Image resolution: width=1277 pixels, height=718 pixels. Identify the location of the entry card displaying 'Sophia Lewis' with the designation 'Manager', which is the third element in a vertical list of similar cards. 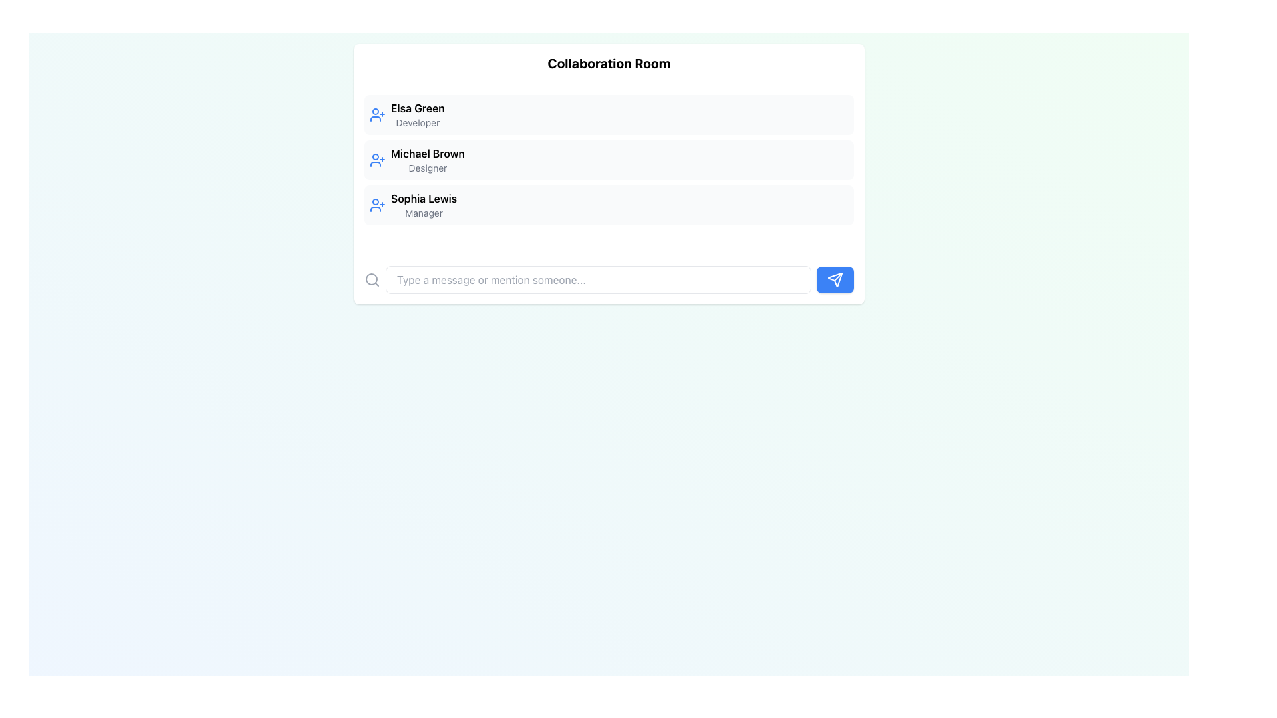
(609, 205).